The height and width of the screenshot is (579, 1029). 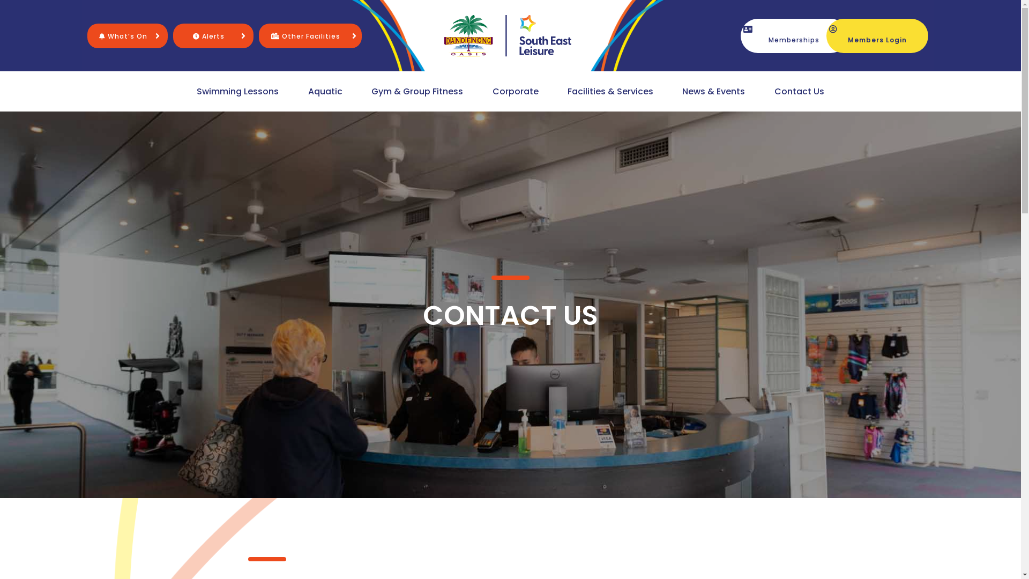 I want to click on 'Alerts', so click(x=208, y=35).